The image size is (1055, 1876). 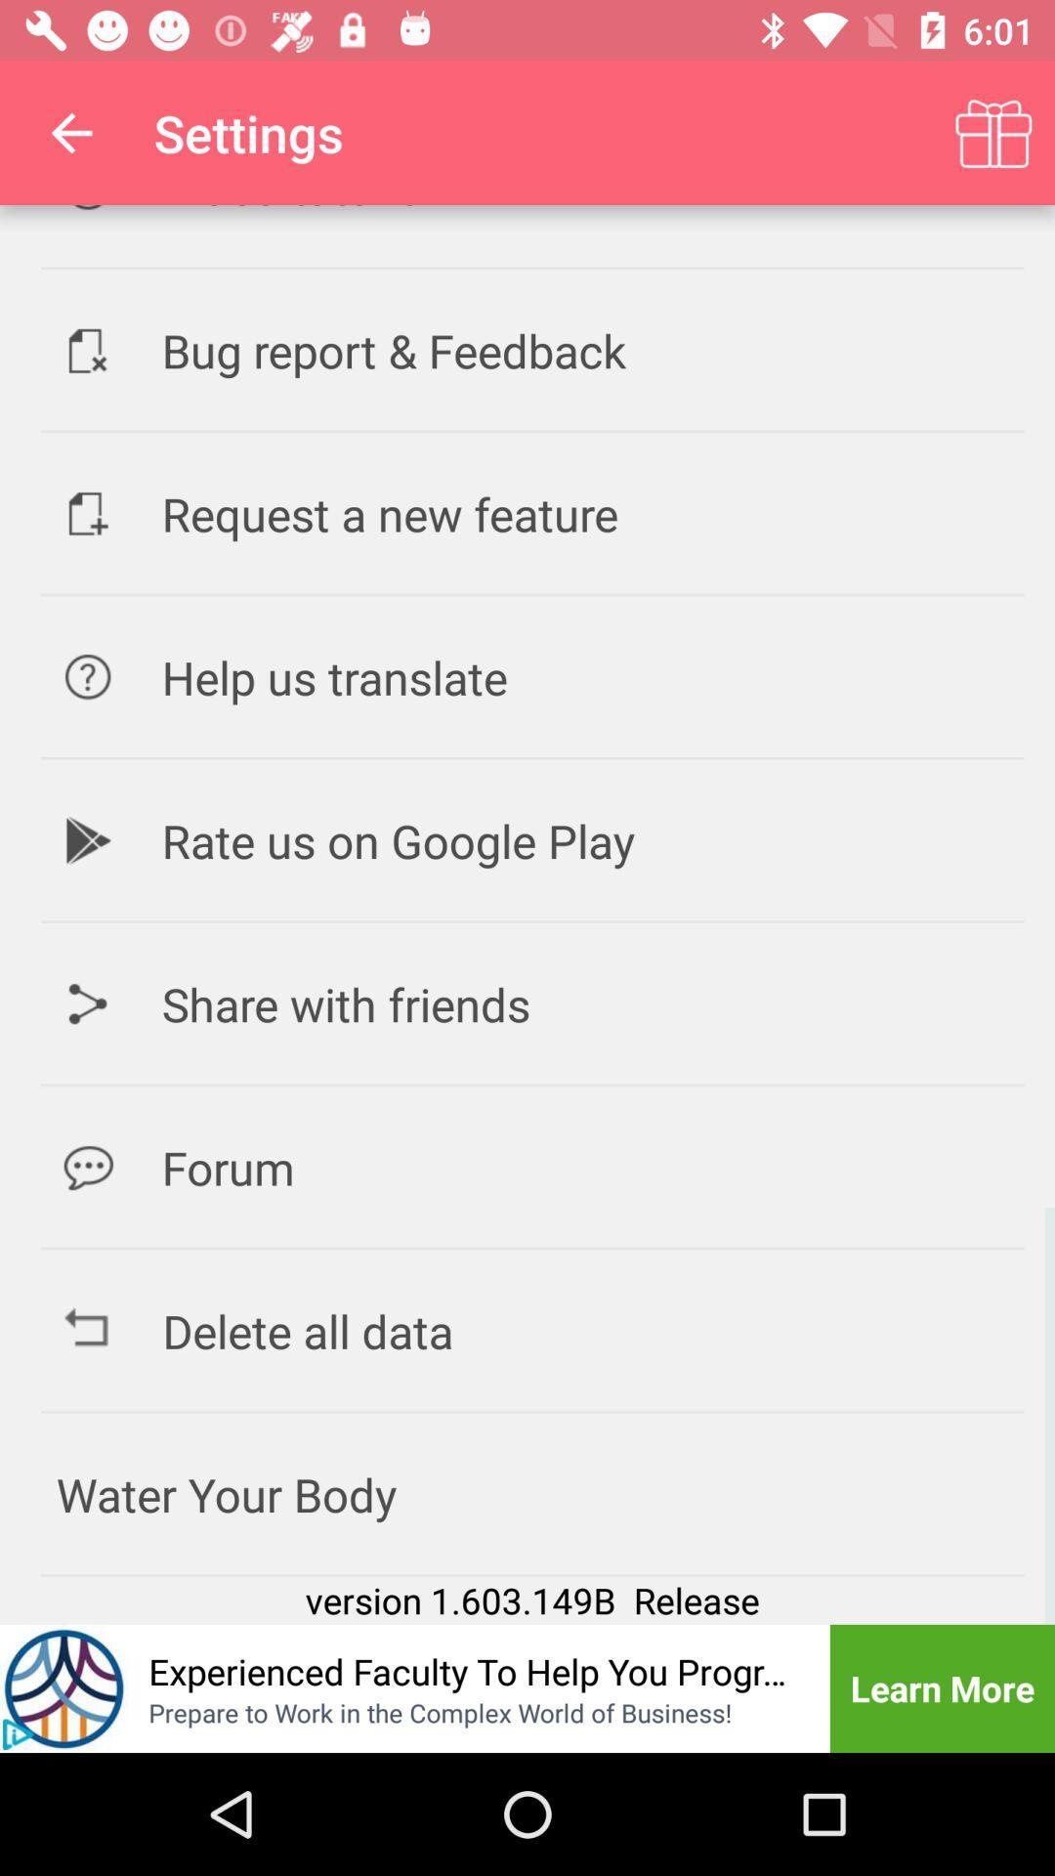 I want to click on the play icon, so click(x=18, y=1734).